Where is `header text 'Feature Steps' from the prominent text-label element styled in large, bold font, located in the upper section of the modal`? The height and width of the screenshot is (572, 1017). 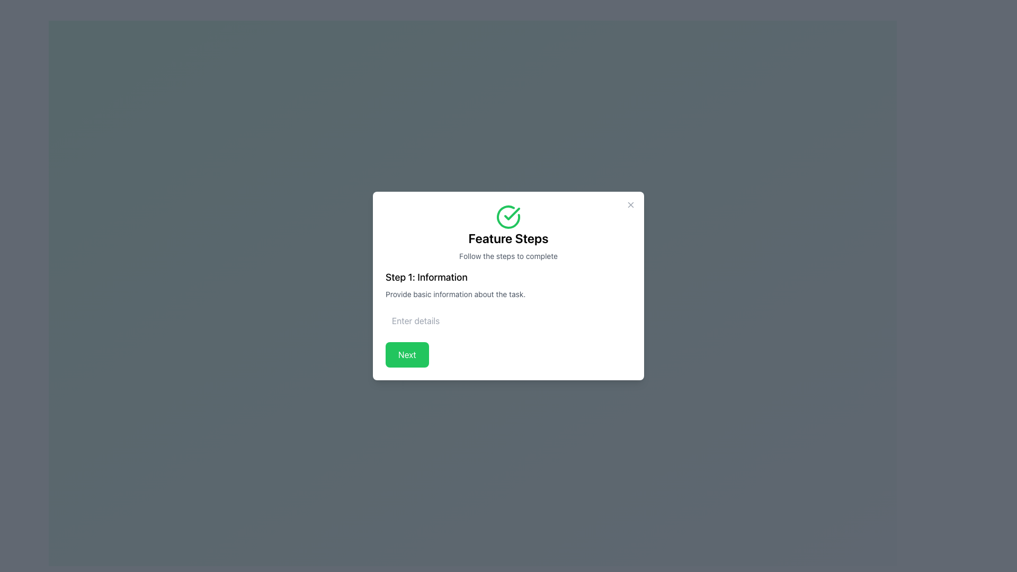 header text 'Feature Steps' from the prominent text-label element styled in large, bold font, located in the upper section of the modal is located at coordinates (508, 238).